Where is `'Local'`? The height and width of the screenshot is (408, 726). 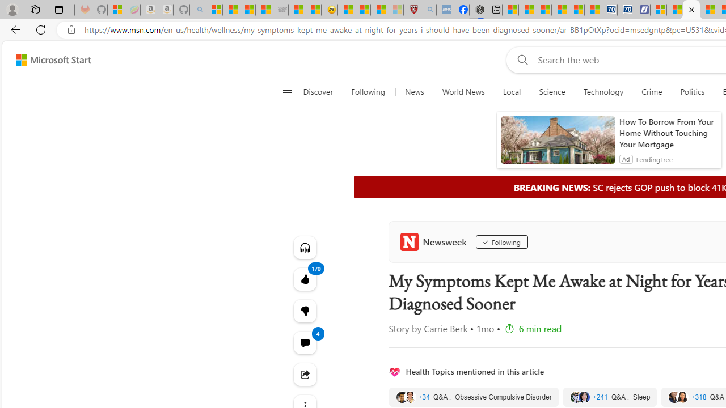 'Local' is located at coordinates (511, 92).